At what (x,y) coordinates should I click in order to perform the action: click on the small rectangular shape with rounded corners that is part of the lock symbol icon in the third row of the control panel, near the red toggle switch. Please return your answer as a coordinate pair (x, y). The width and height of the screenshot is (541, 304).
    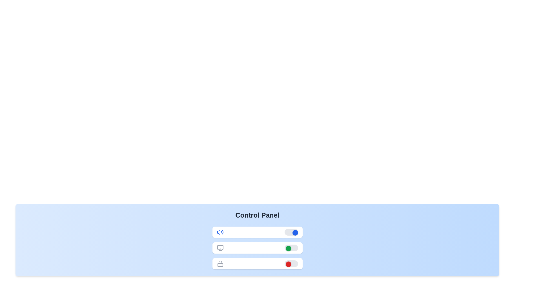
    Looking at the image, I should click on (220, 265).